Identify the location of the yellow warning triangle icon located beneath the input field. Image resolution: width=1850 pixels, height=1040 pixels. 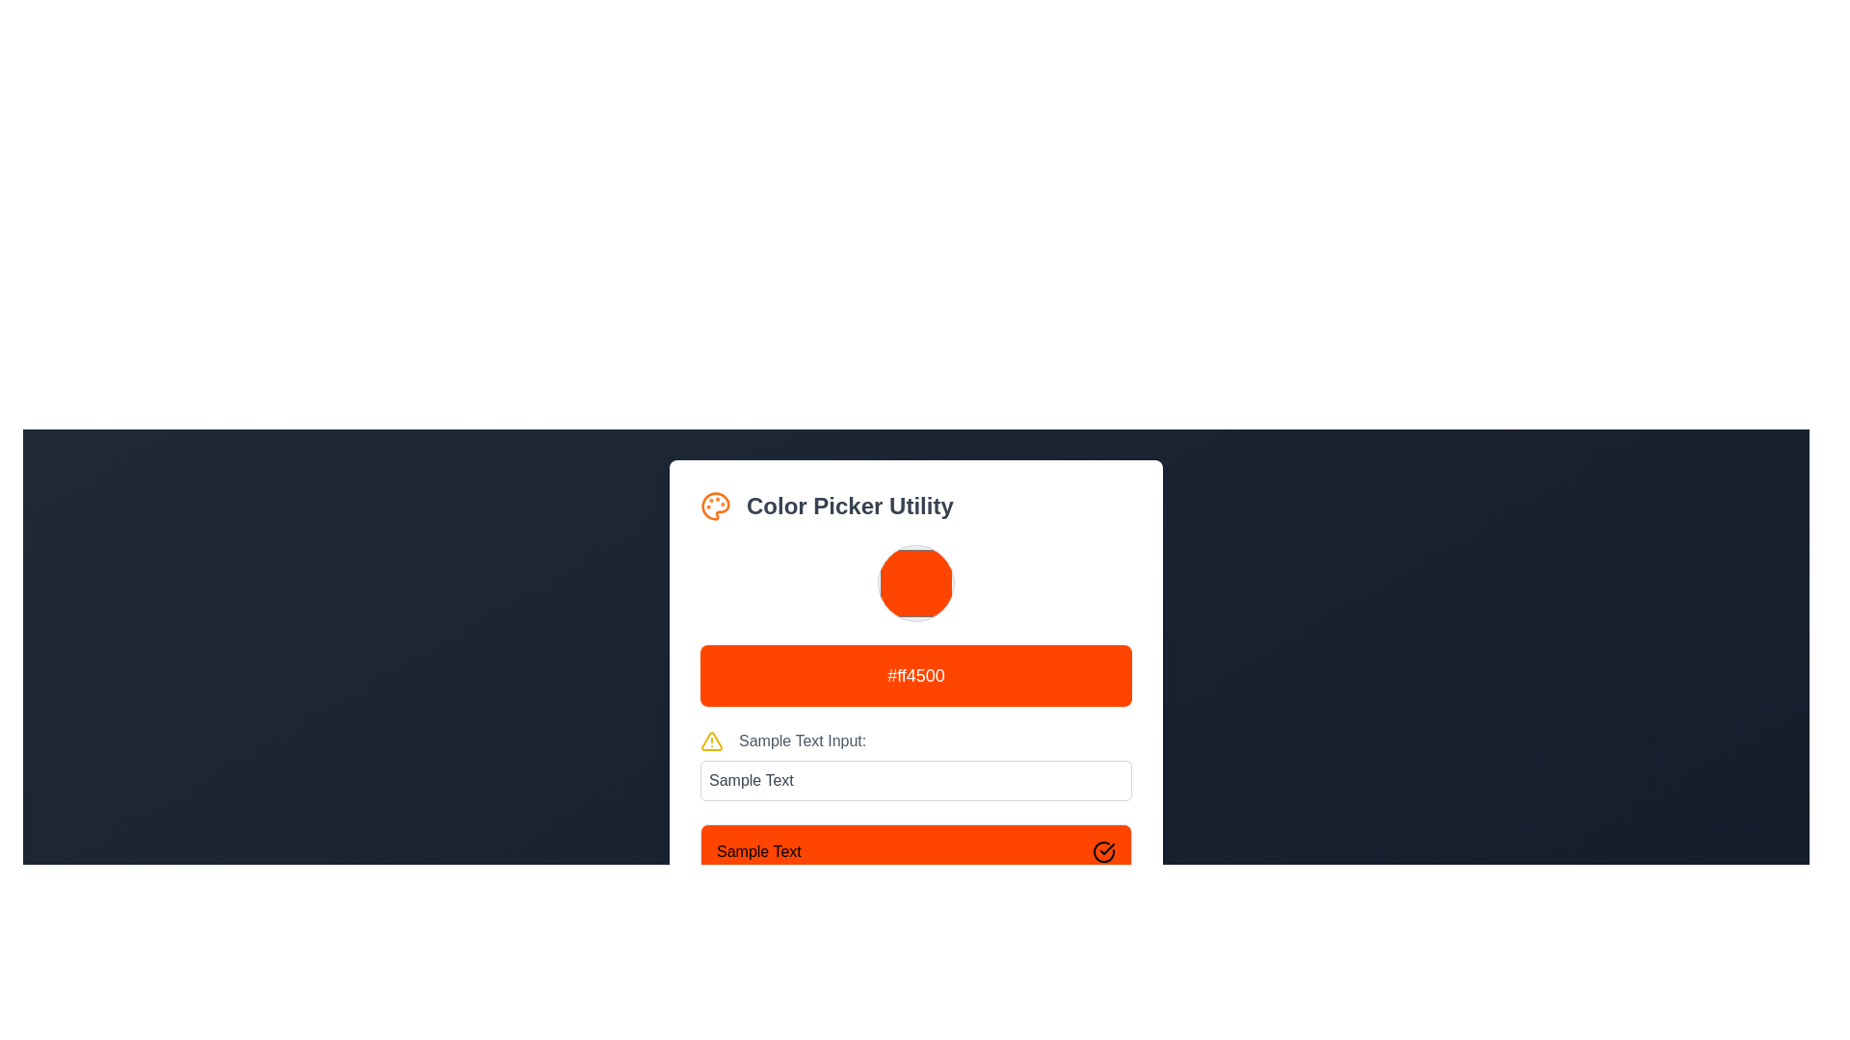
(711, 741).